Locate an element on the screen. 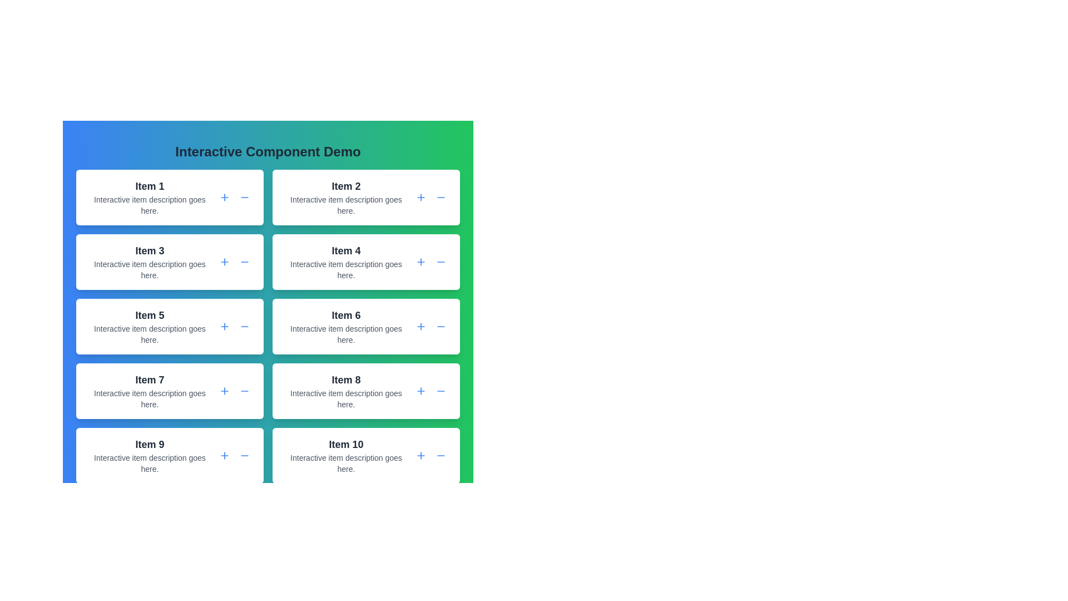  the Text display component that shows 'Item 2' as the title and 'Interactive item description goes here' as the subtitle, which is styled with a bold larger font and a smaller gray font respectively is located at coordinates (345, 196).